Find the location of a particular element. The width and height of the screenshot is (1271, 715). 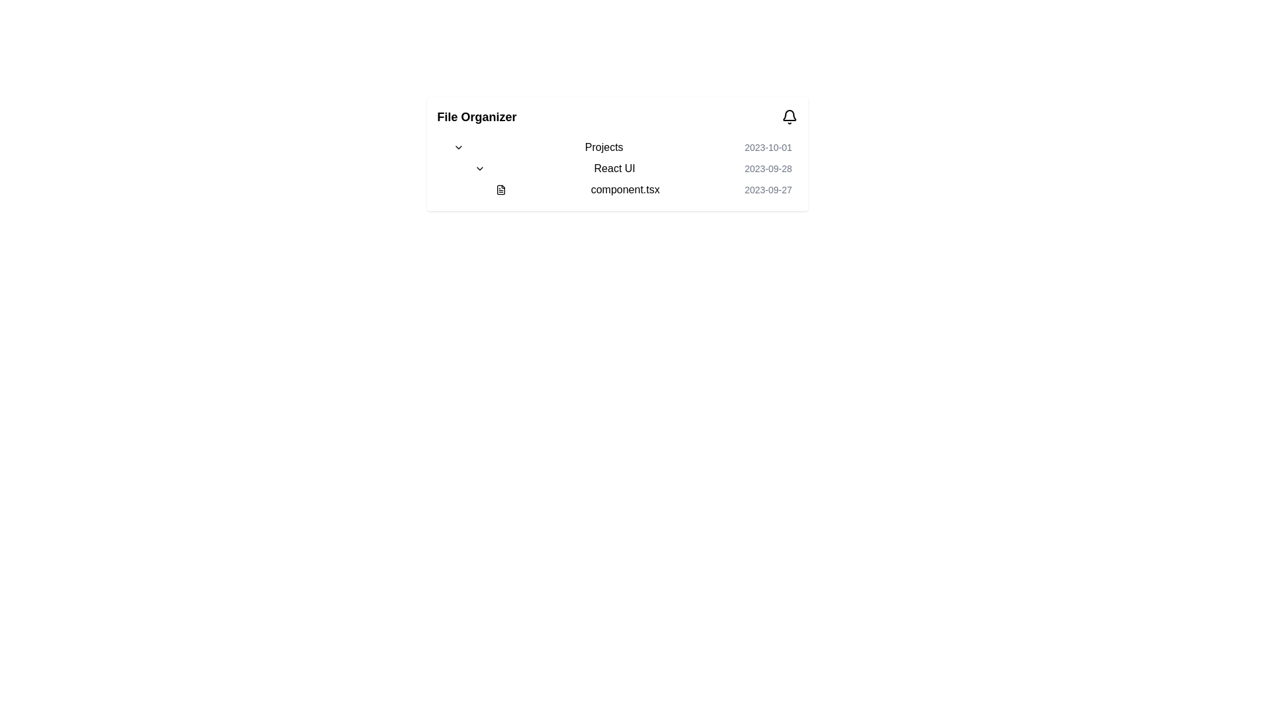

the 'React UI' text label, which is part of a project names list and is positioned beneath the 'Projects' label is located at coordinates (614, 167).